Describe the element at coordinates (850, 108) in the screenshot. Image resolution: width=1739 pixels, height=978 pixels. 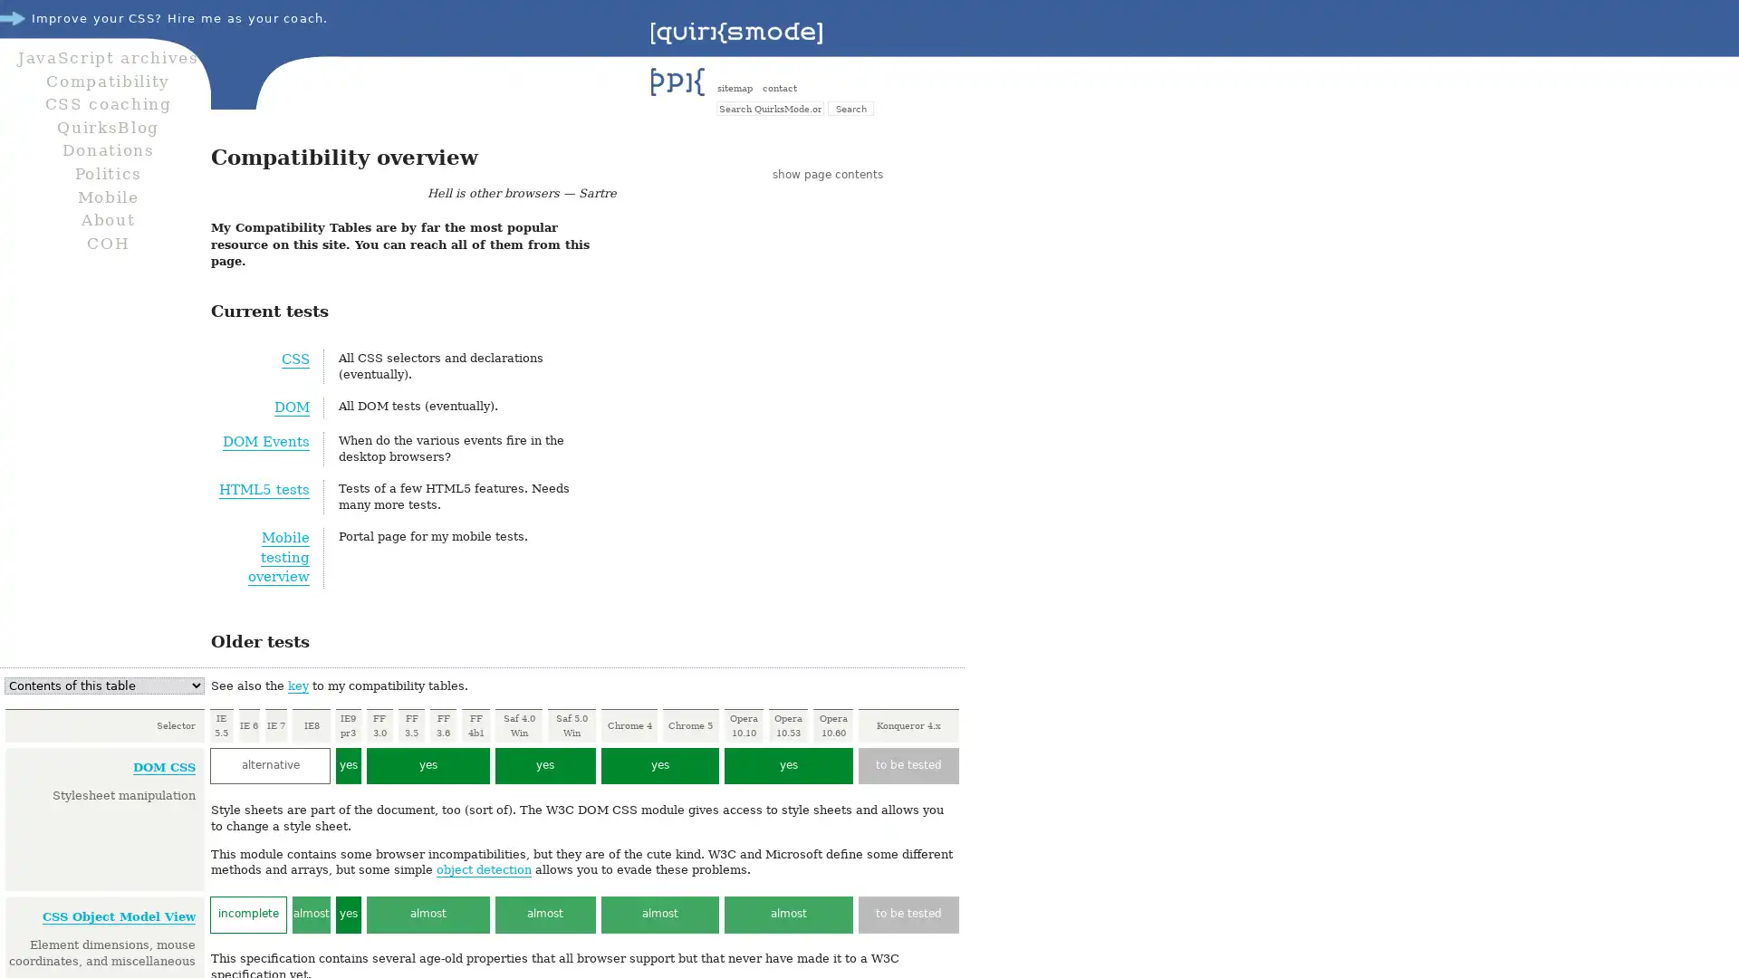
I see `Search` at that location.